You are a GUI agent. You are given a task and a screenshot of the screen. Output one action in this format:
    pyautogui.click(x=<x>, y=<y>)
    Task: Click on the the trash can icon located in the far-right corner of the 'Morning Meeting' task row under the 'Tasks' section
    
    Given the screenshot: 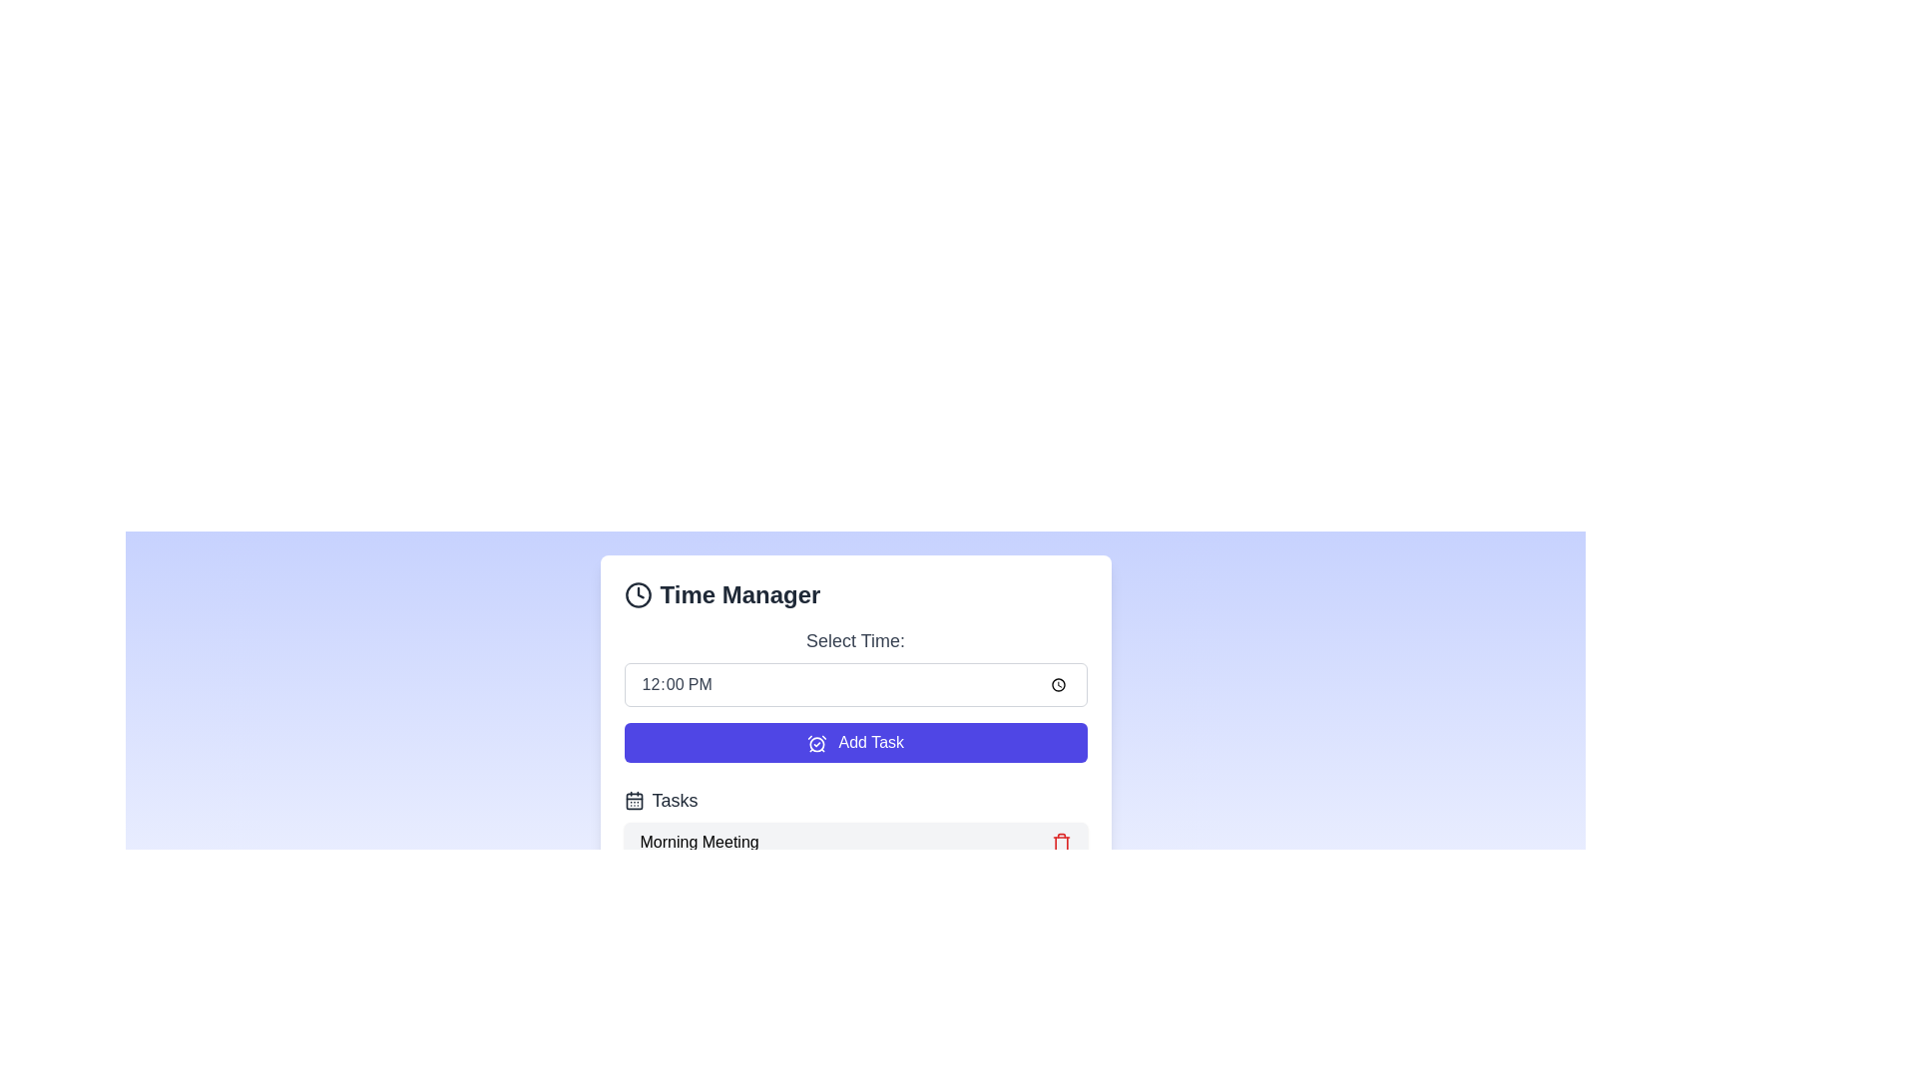 What is the action you would take?
    pyautogui.click(x=1060, y=844)
    